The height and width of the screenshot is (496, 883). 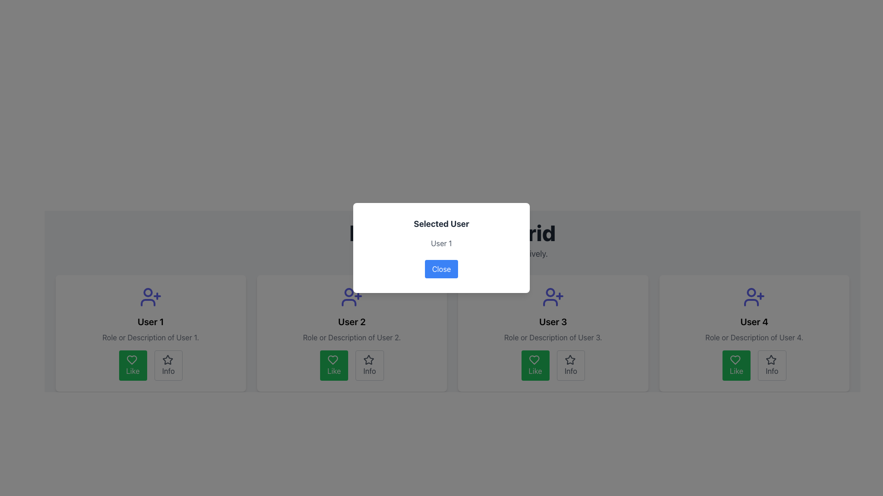 What do you see at coordinates (148, 303) in the screenshot?
I see `the lower arc of the user icon representing a profile, which is part of the user avatar icon above 'User 1' in the user grid` at bounding box center [148, 303].